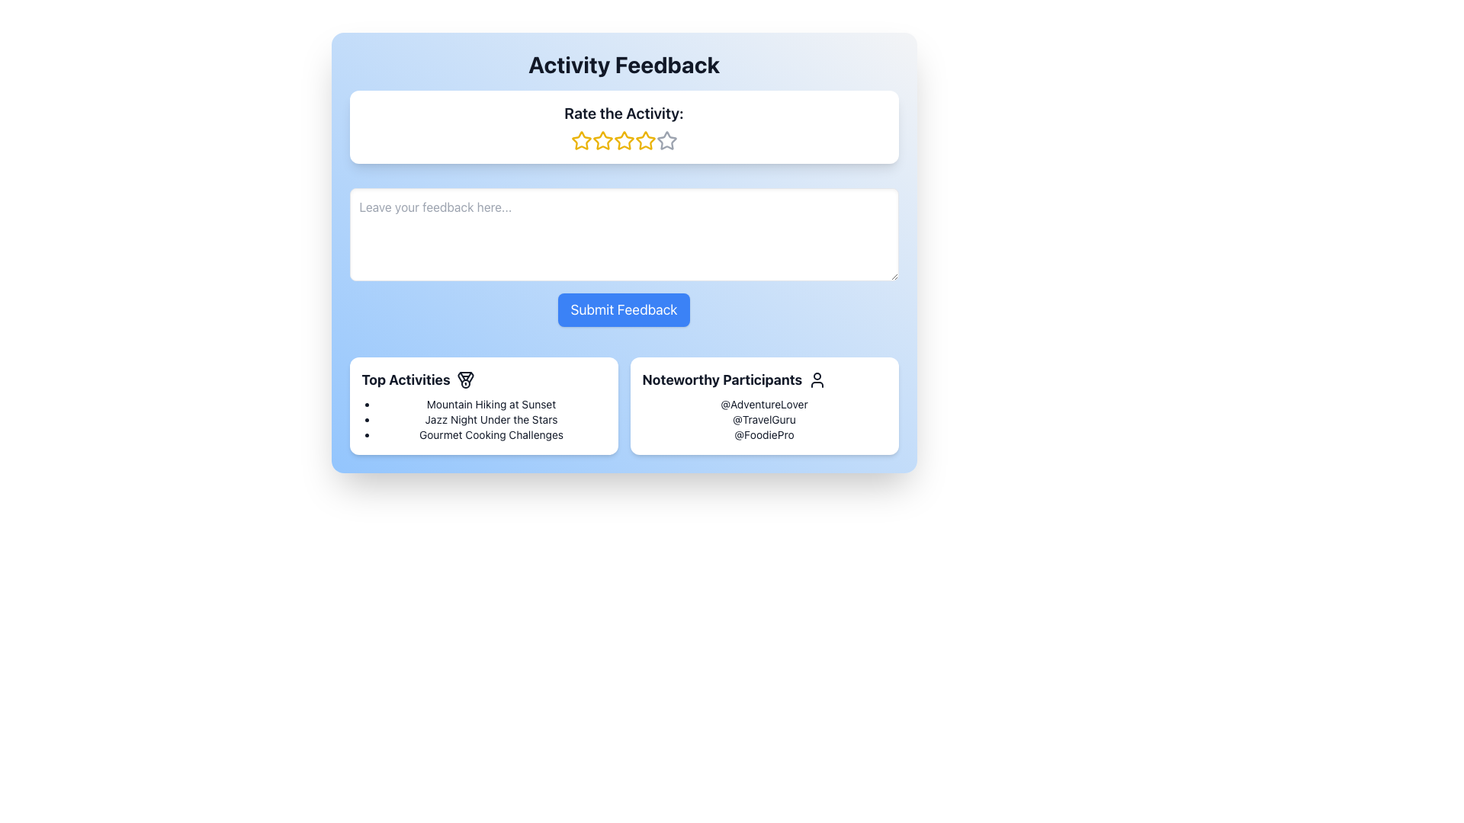 This screenshot has height=823, width=1464. I want to click on the third star icon in the rating sequence, so click(624, 141).